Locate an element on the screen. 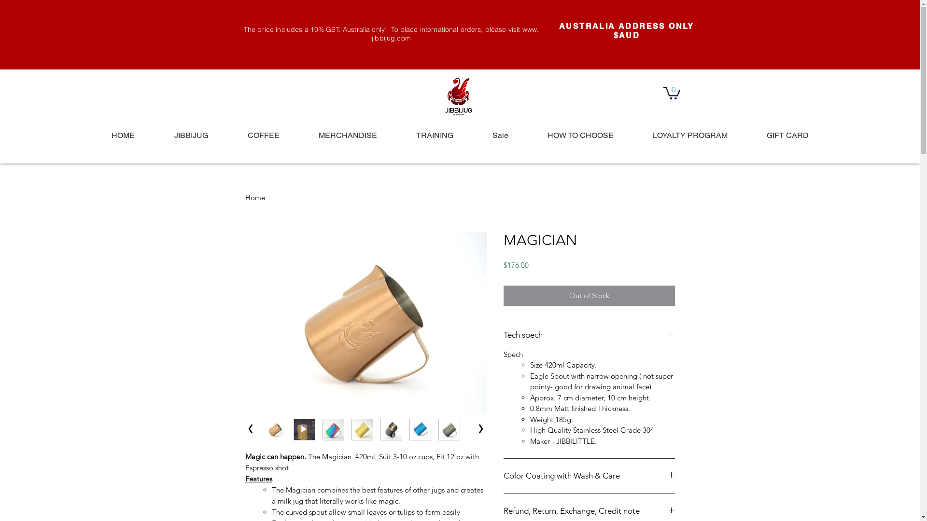 The height and width of the screenshot is (521, 927). '0' is located at coordinates (671, 92).